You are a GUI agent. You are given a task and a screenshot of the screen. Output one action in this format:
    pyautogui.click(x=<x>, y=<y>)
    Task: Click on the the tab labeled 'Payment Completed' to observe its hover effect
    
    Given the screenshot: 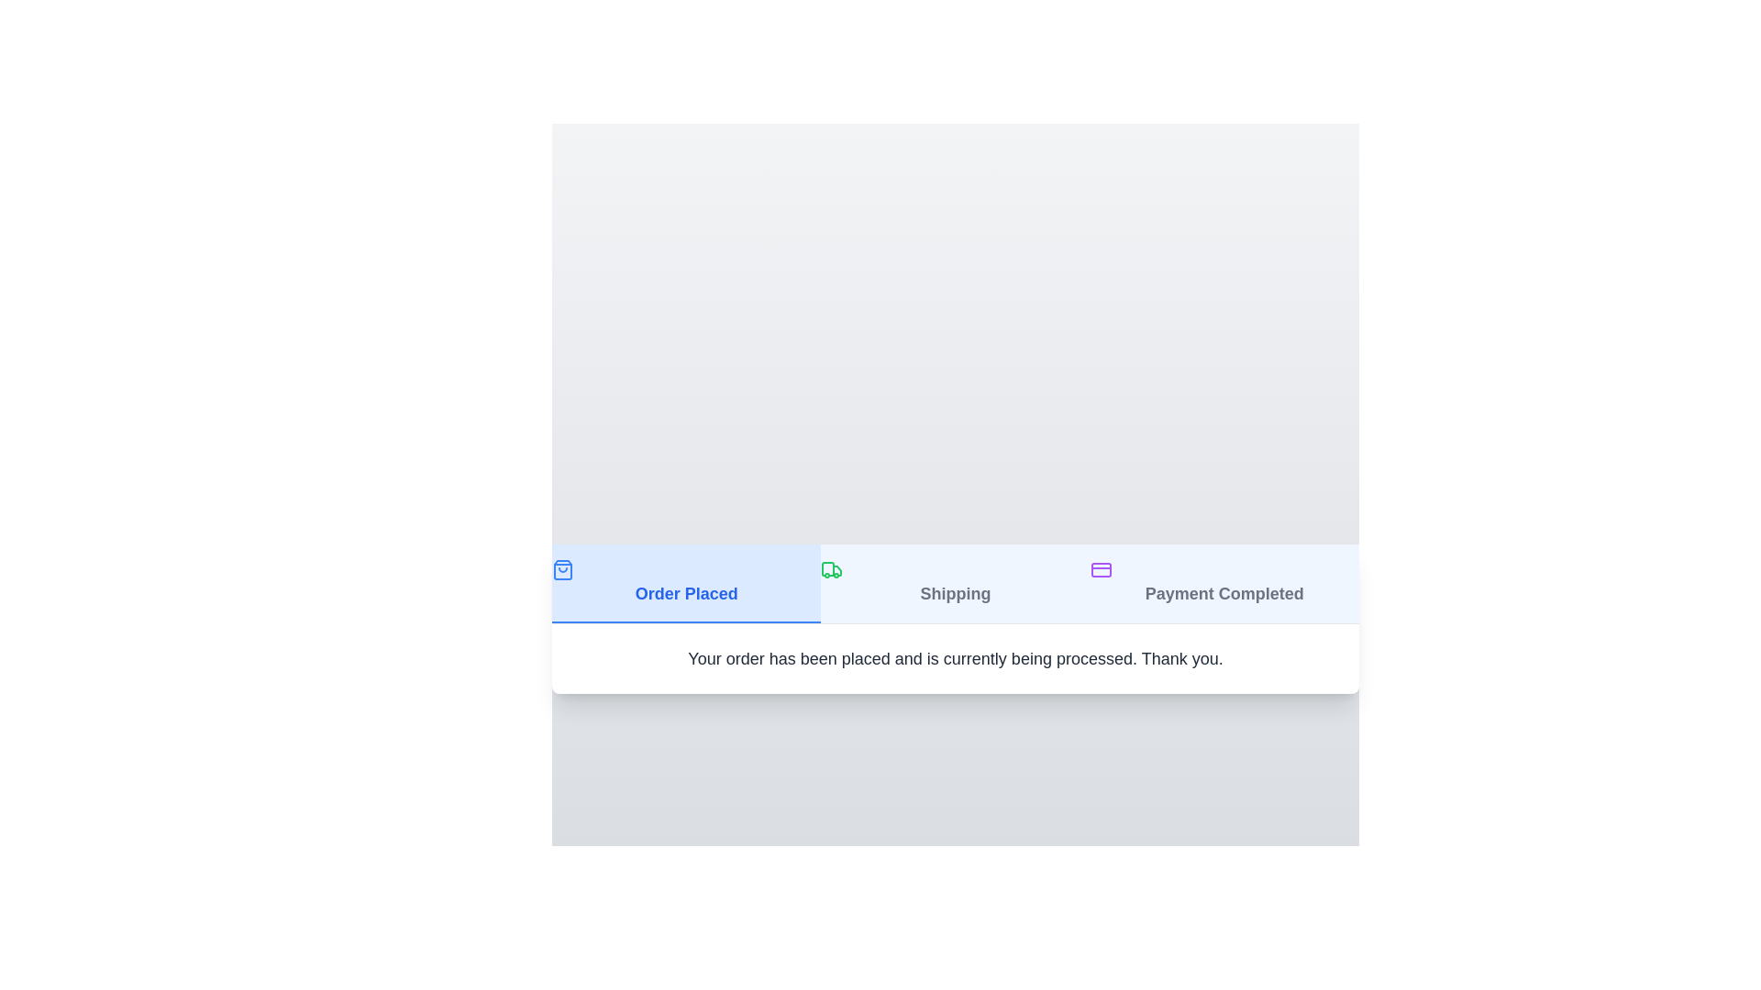 What is the action you would take?
    pyautogui.click(x=1224, y=583)
    